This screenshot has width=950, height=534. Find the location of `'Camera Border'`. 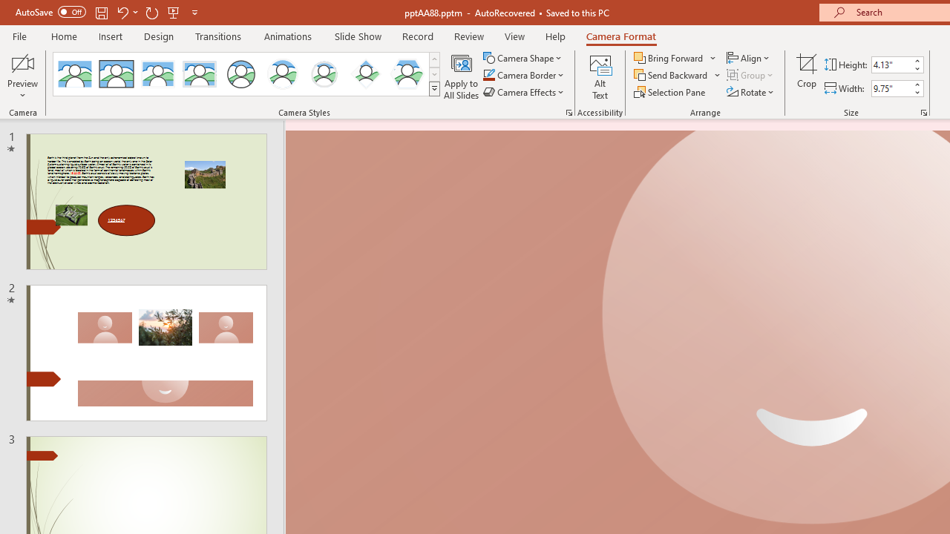

'Camera Border' is located at coordinates (524, 75).